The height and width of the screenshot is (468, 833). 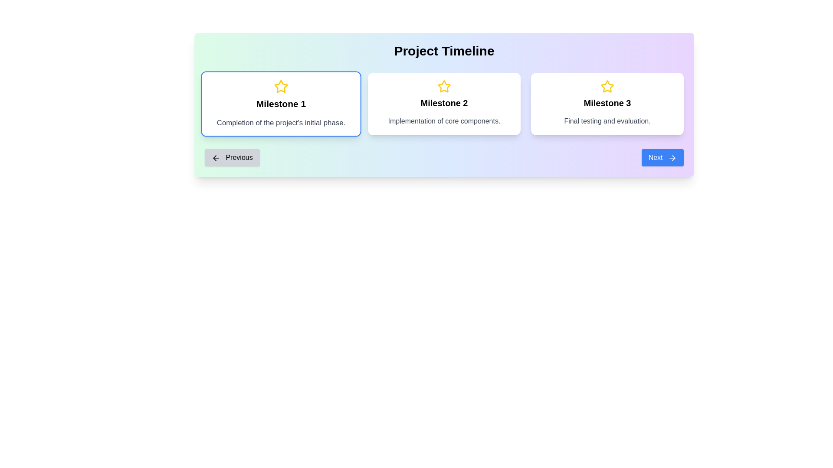 I want to click on the text label that describes 'Milestone 2,' located in the second card of the horizontally-aligned card group, directly below the title 'Milestone 2.', so click(x=444, y=121).